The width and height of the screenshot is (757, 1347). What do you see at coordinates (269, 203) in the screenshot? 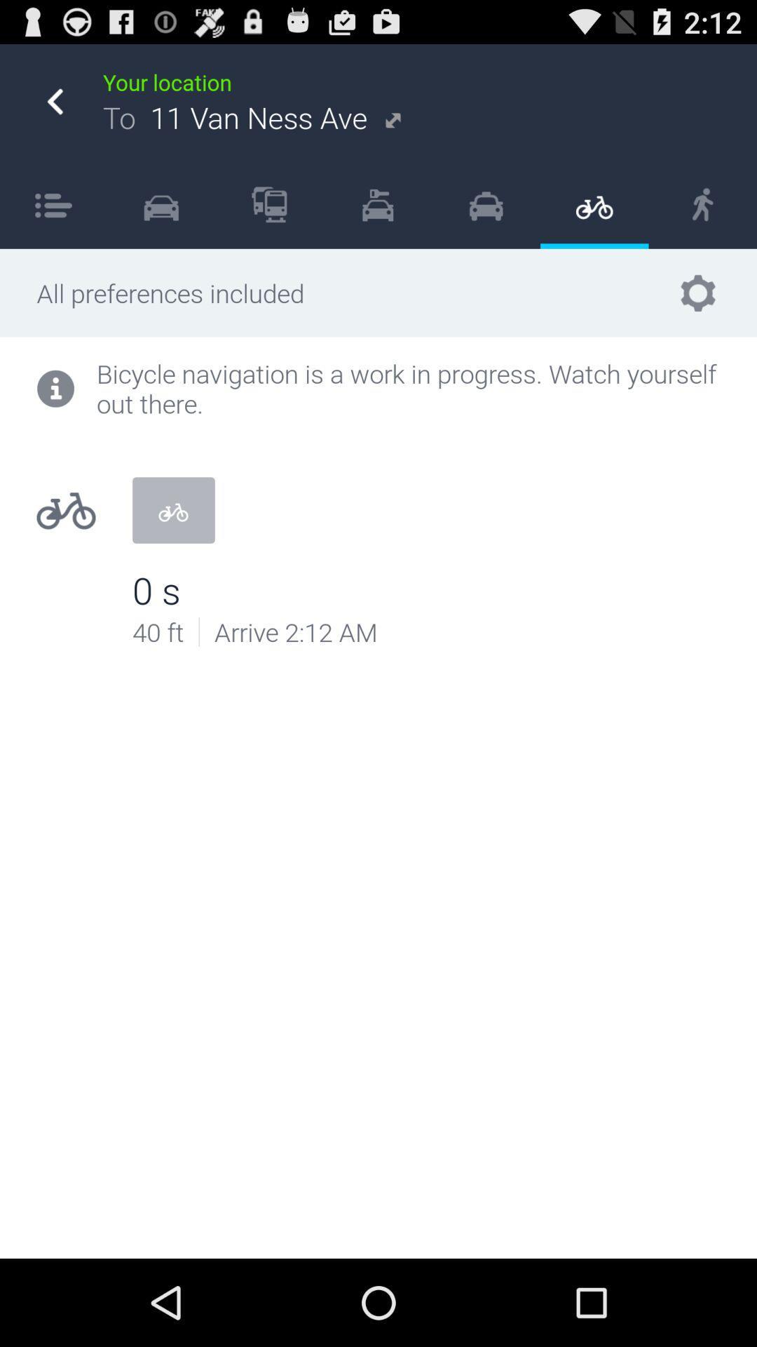
I see `the icon to the right of   icon` at bounding box center [269, 203].